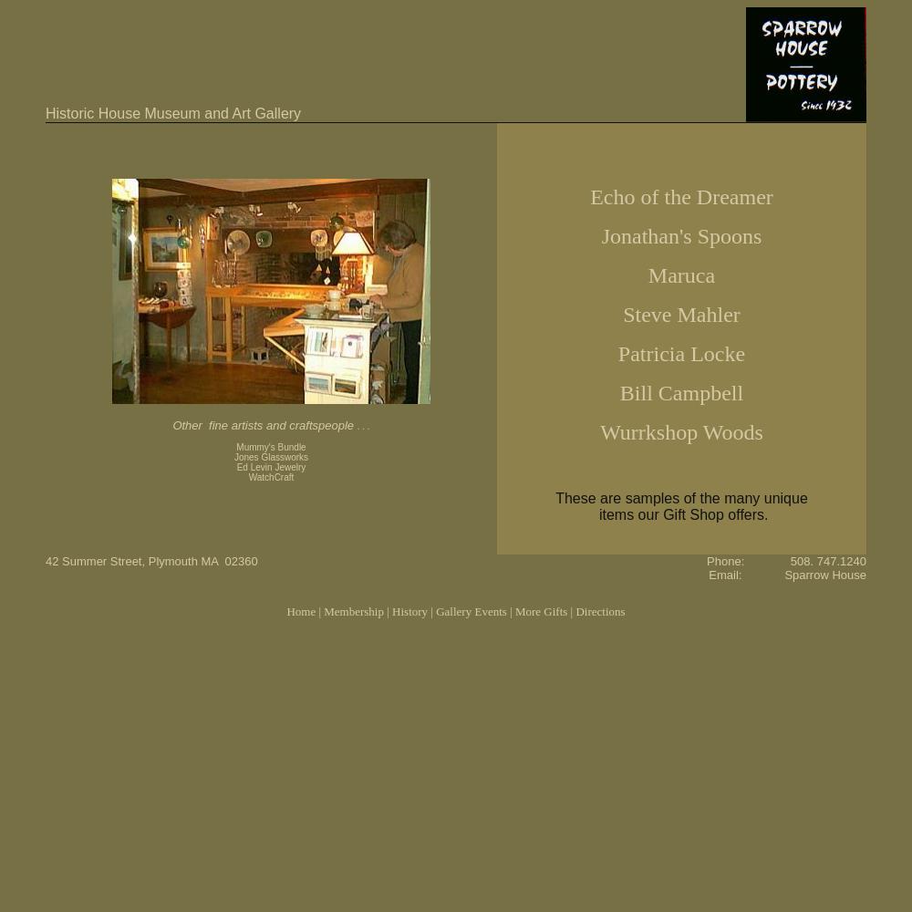 The height and width of the screenshot is (912, 912). Describe the element at coordinates (357, 425) in the screenshot. I see `'. . .'` at that location.